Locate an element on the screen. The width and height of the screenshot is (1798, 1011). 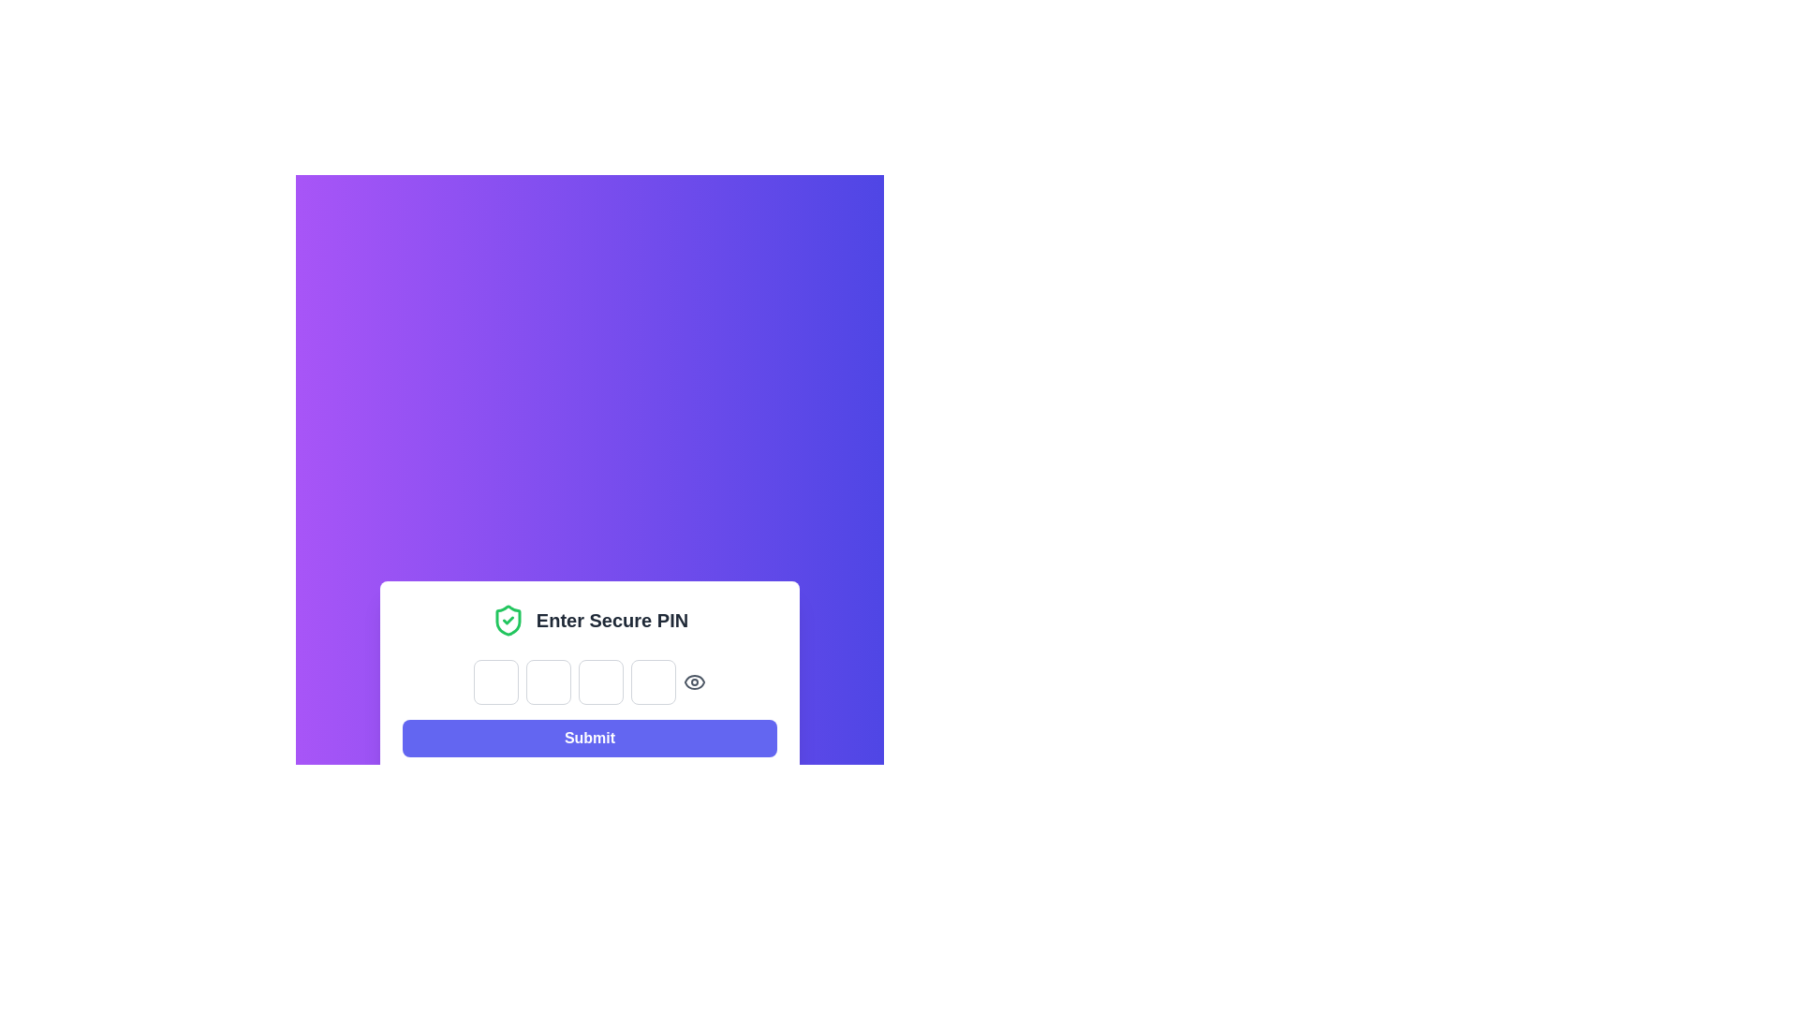
text label that serves as a descriptive header for the secure PIN input section, located below a gradient purple background and to the right of a green shield-check icon is located at coordinates (612, 621).